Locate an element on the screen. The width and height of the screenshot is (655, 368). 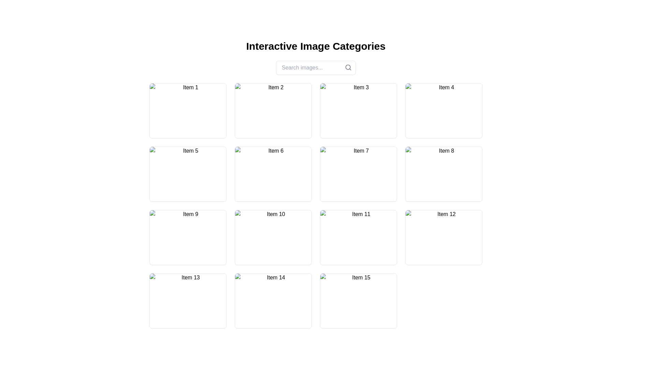
the fourth card item in the grid layout is located at coordinates (443, 110).